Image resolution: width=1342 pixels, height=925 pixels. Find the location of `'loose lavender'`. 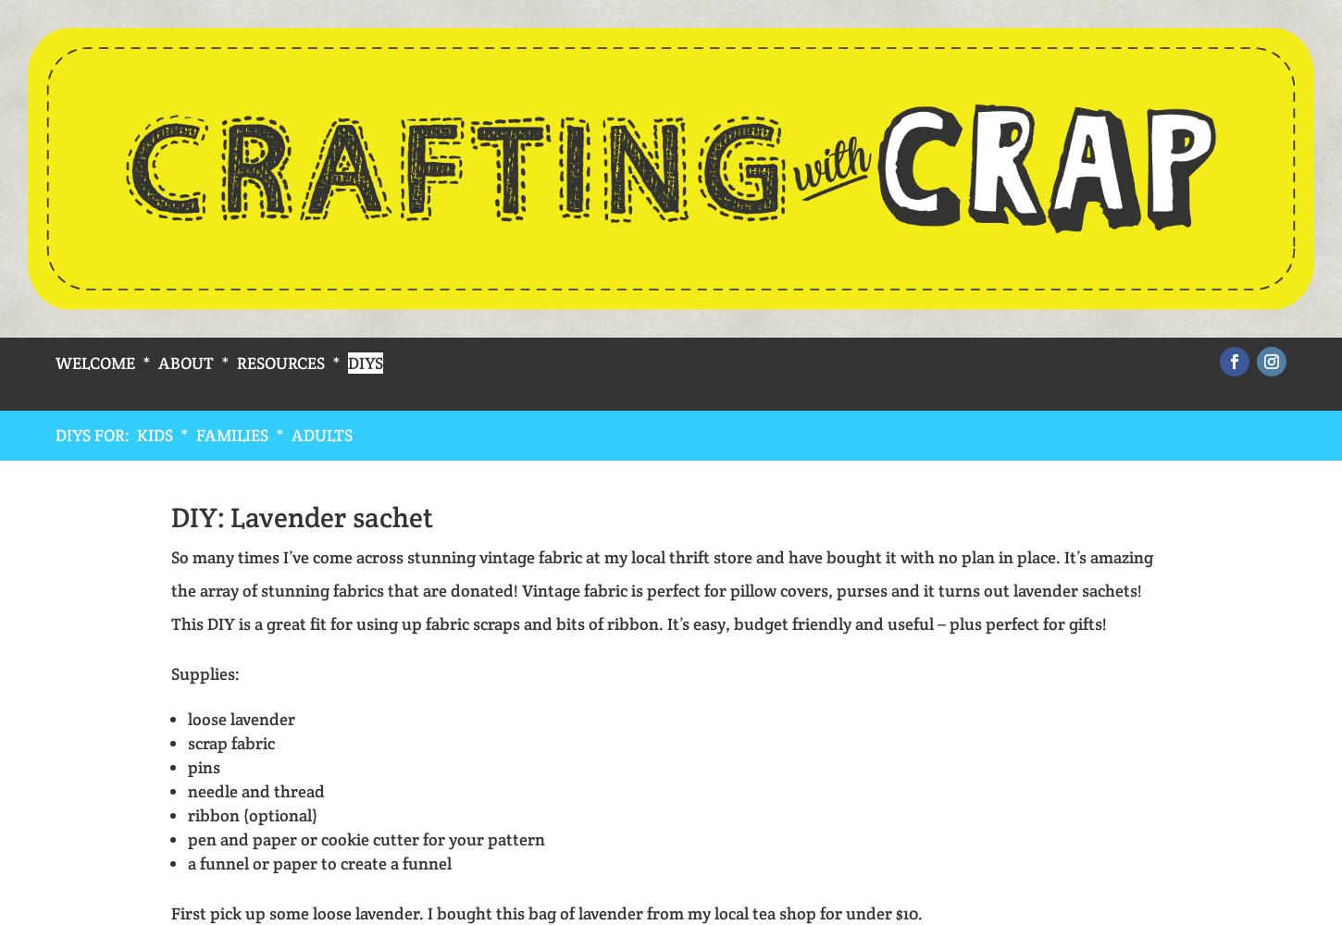

'loose lavender' is located at coordinates (242, 718).